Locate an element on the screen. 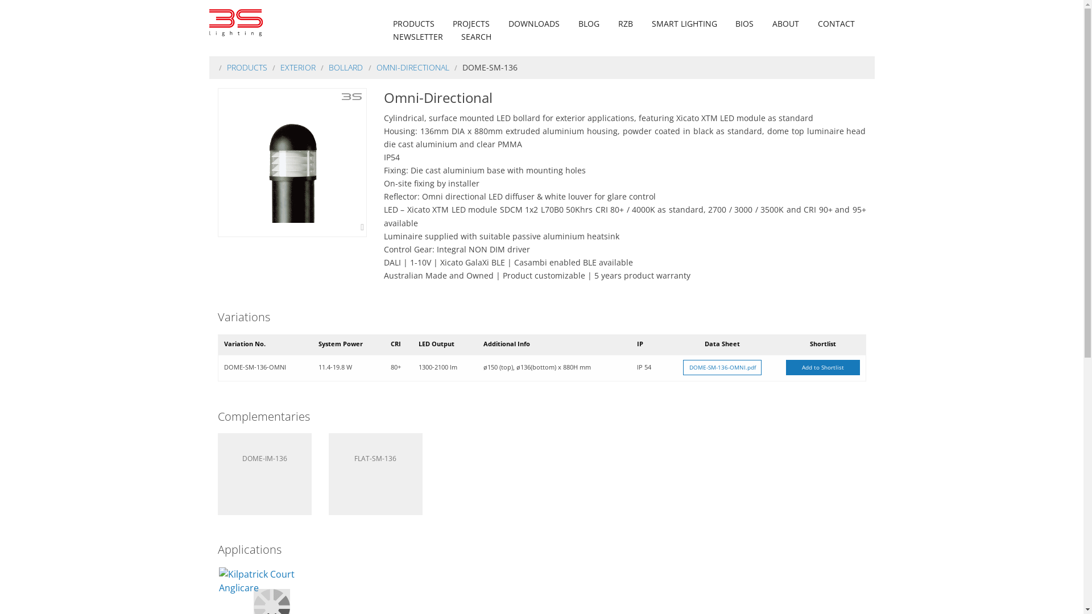  'BLOG' is located at coordinates (589, 23).